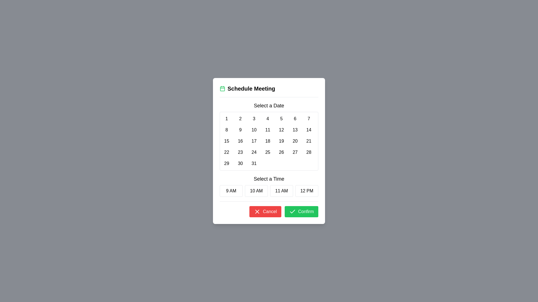 Image resolution: width=538 pixels, height=302 pixels. Describe the element at coordinates (309, 152) in the screenshot. I see `the button representing the date '28' in the calendar interface` at that location.